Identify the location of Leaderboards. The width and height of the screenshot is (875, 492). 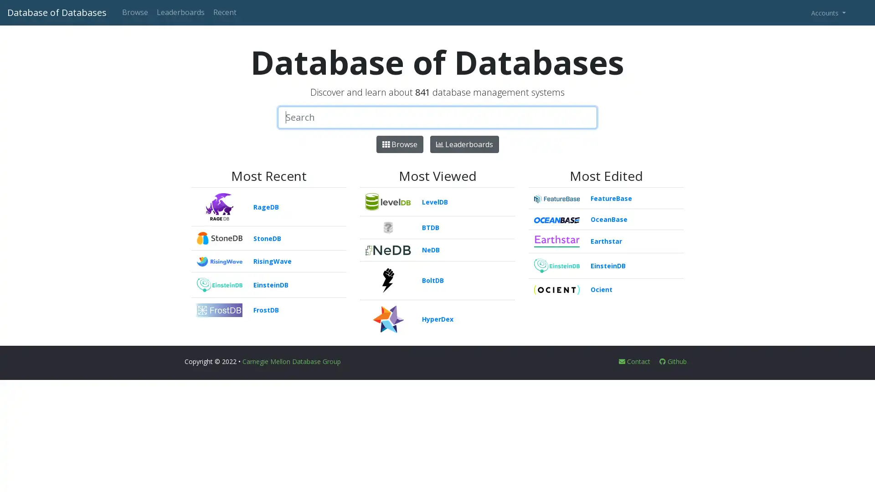
(464, 143).